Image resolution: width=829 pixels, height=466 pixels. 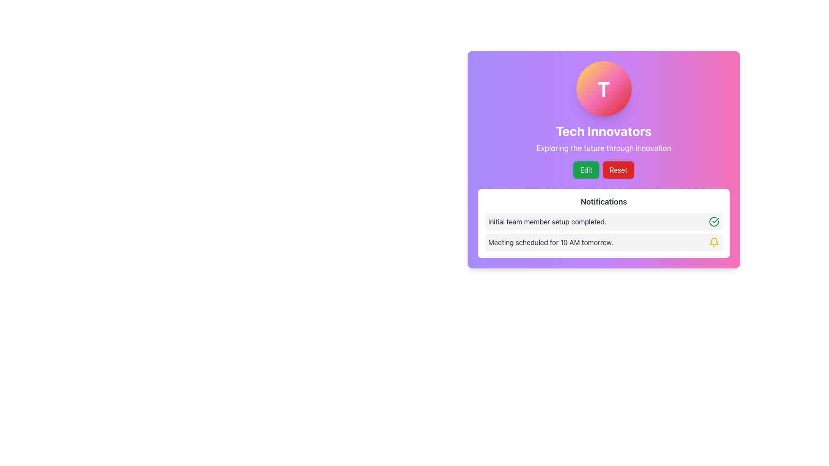 I want to click on the bell-shaped notification icon located at the bottom-right corner of the notification card that contains the text 'Meeting scheduled for 10 AM tomorrow.', so click(x=714, y=242).